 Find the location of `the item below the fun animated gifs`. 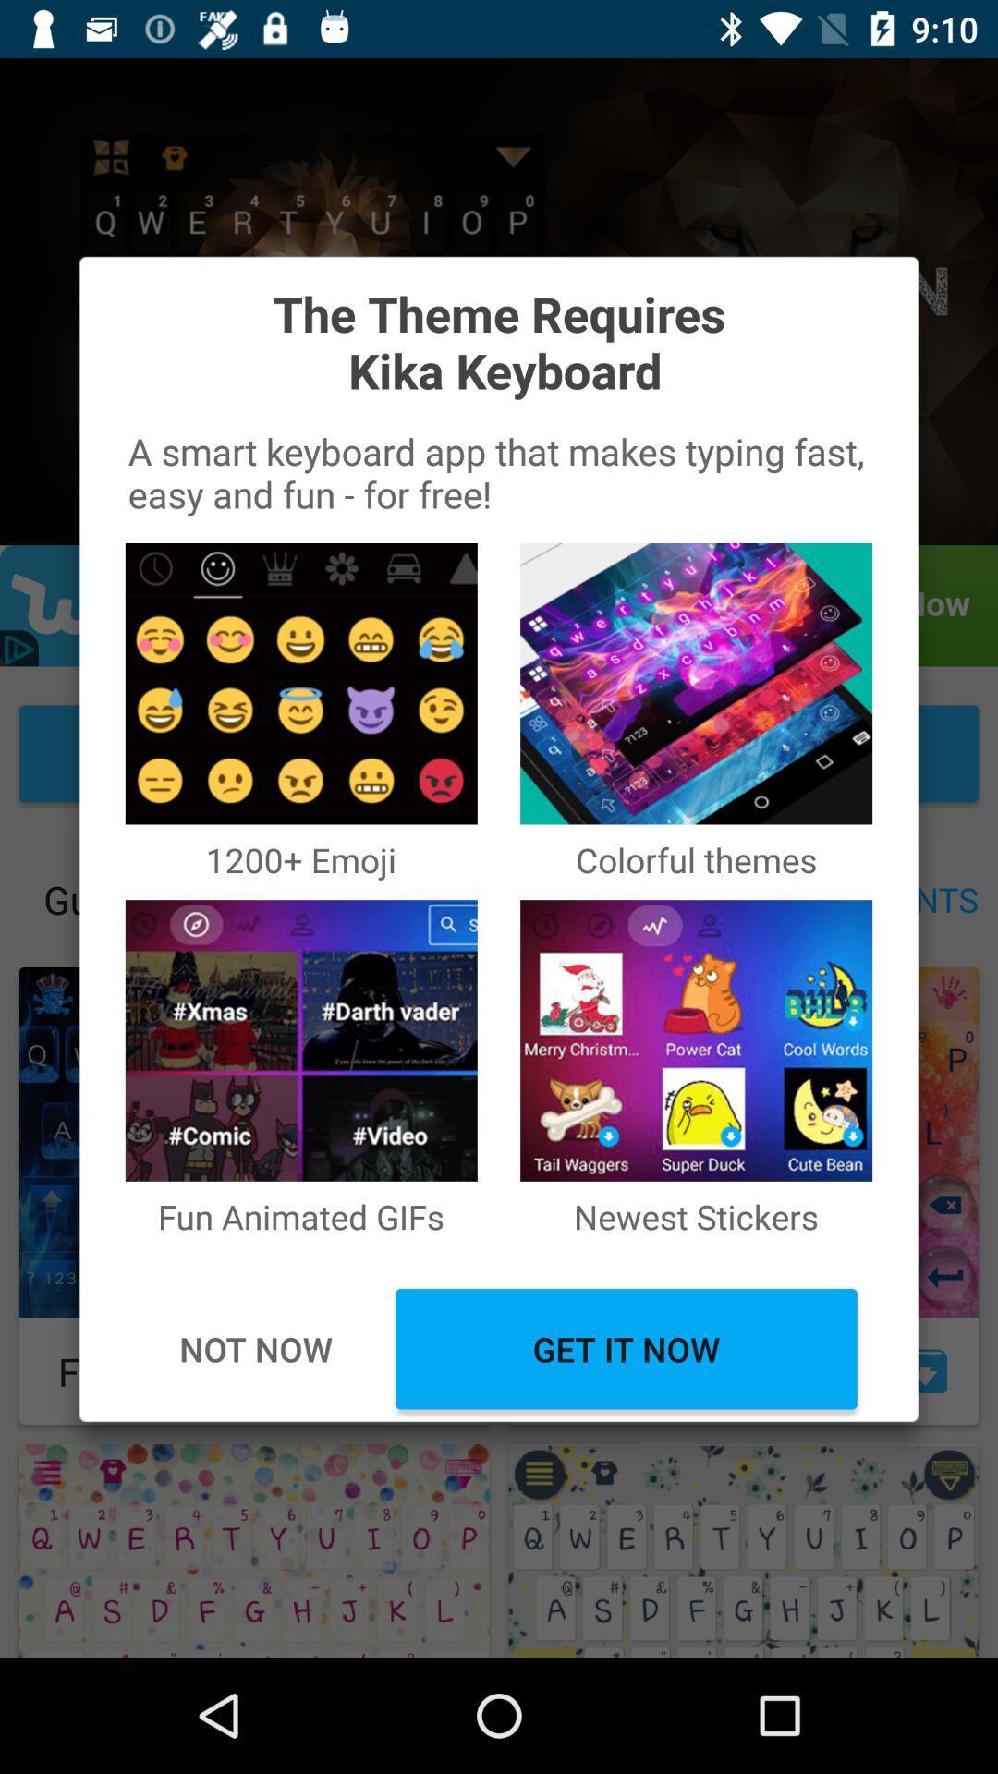

the item below the fun animated gifs is located at coordinates (626, 1349).